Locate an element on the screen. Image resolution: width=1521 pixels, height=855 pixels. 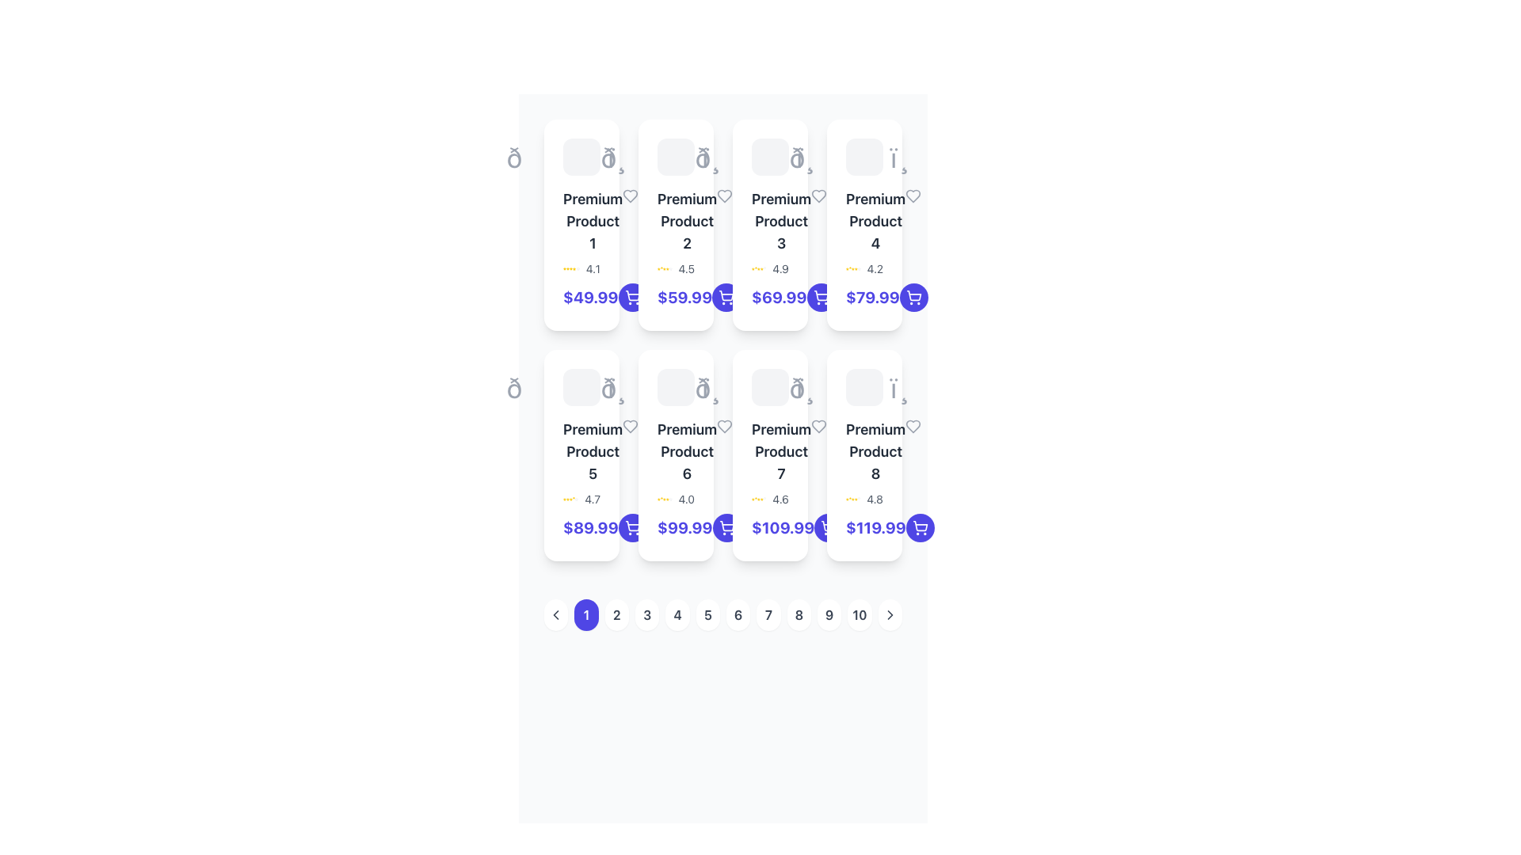
the price of the product card, which is the fourth card in the first row of a 4-column grid layout, to potentially add the item to the cart is located at coordinates (863, 225).